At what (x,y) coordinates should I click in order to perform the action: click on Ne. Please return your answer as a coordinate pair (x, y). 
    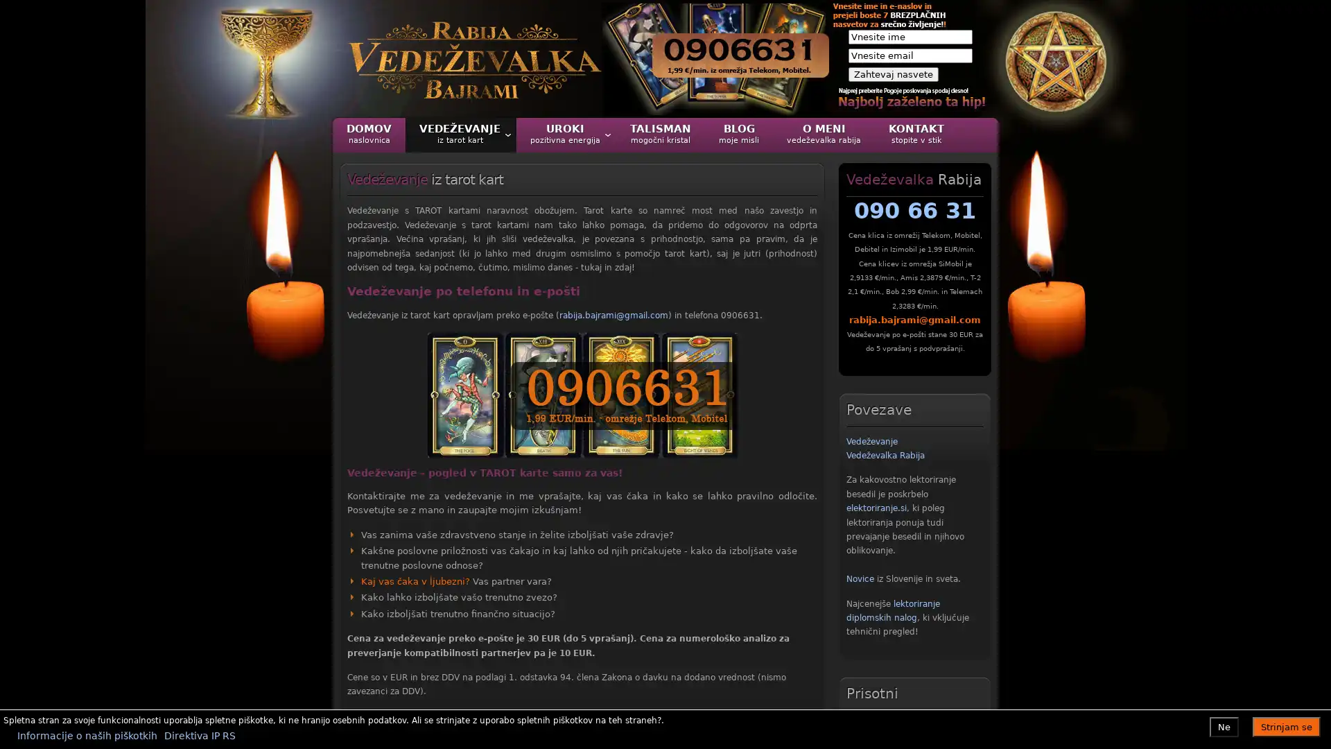
    Looking at the image, I should click on (1224, 725).